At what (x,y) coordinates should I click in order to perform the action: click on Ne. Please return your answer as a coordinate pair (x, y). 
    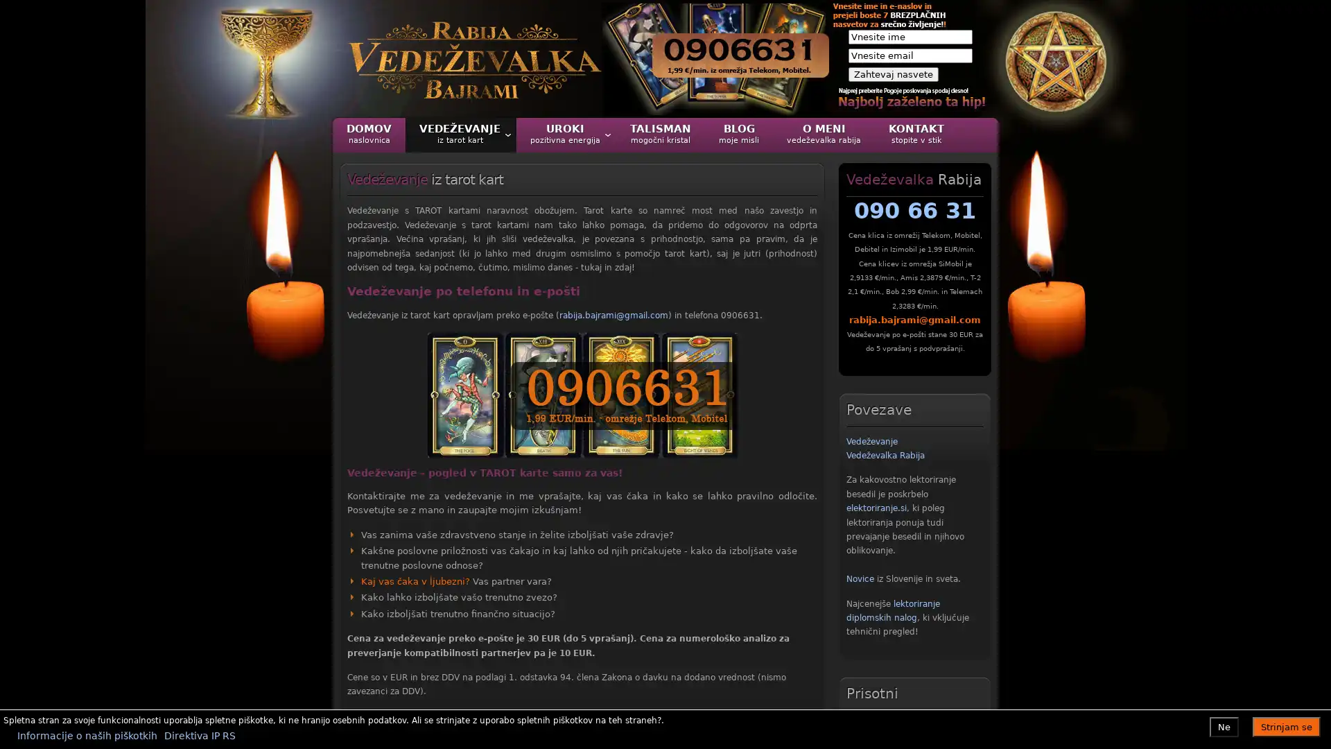
    Looking at the image, I should click on (1224, 725).